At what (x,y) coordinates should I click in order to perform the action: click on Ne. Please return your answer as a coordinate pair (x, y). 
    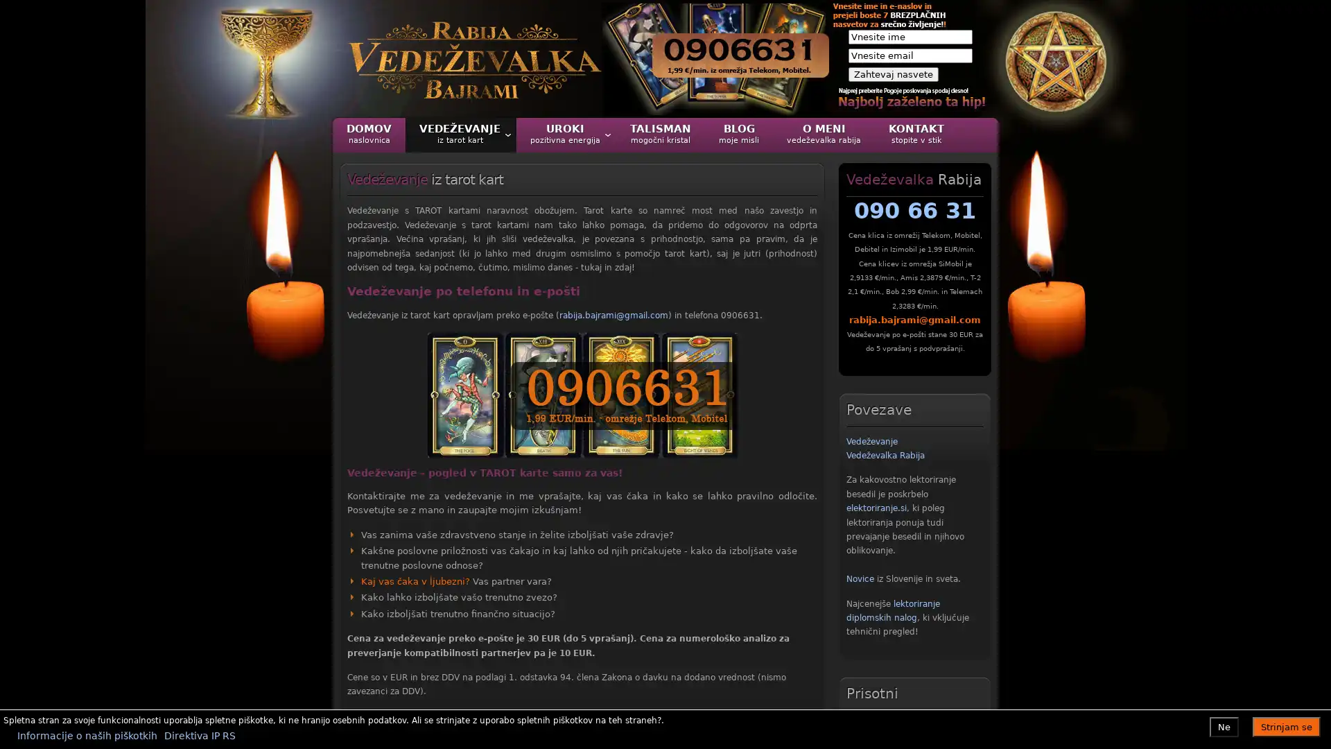
    Looking at the image, I should click on (1224, 725).